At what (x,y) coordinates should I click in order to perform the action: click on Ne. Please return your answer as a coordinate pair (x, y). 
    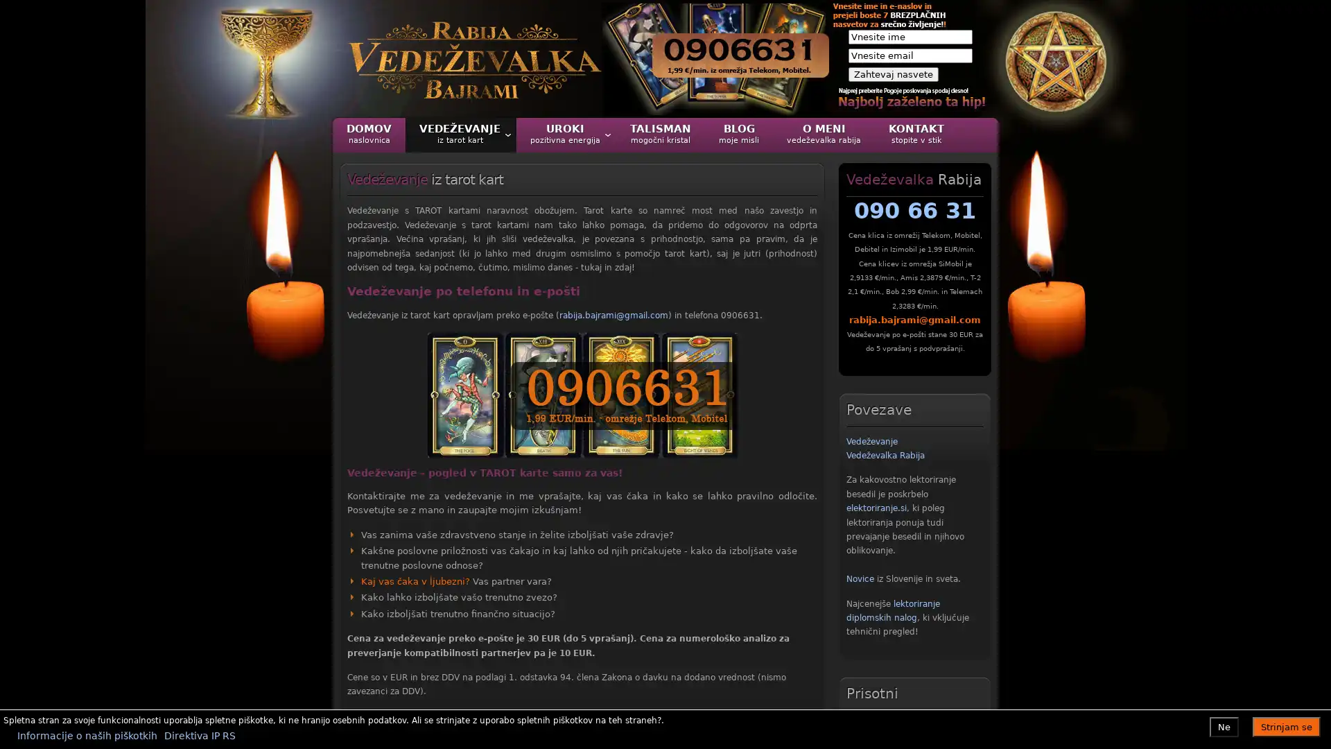
    Looking at the image, I should click on (1224, 725).